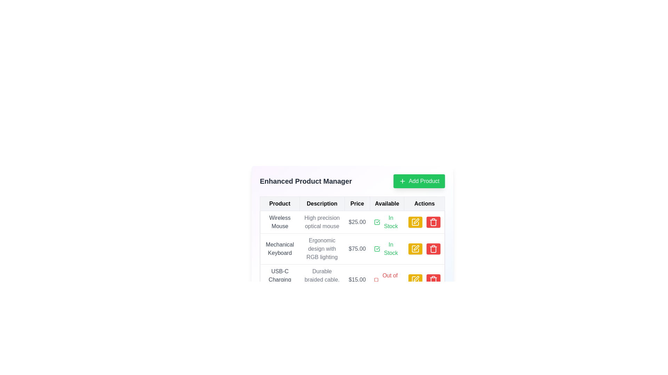  I want to click on the edit icon in the 'Actions' column for the 'Mechanical Keyboard' product, so click(415, 249).